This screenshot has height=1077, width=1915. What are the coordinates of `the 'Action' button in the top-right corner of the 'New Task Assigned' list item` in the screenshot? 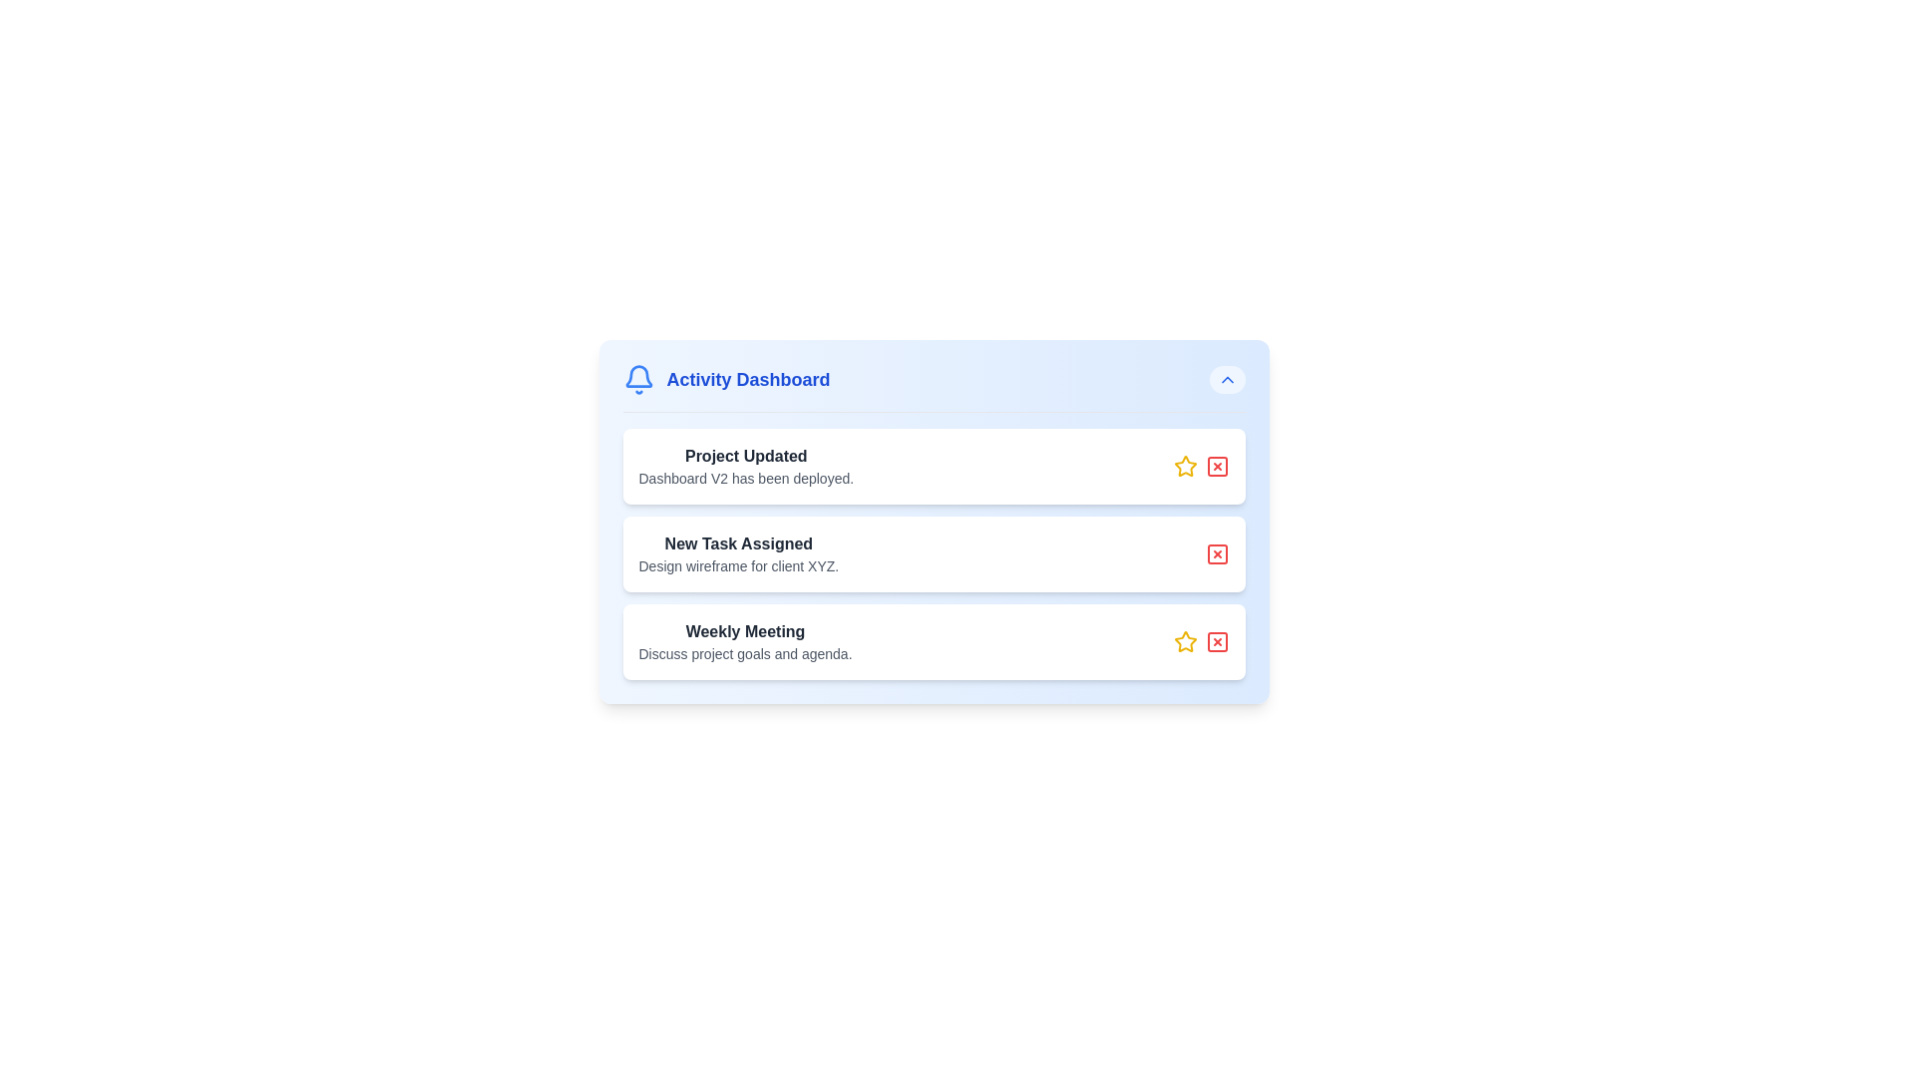 It's located at (1216, 553).